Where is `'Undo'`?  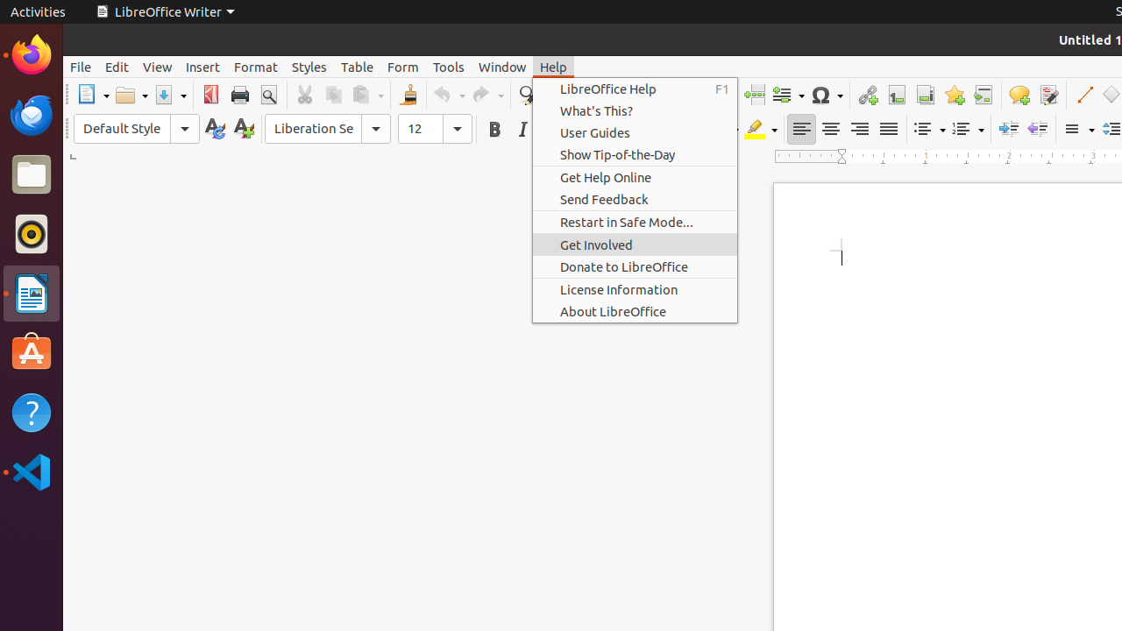 'Undo' is located at coordinates (449, 95).